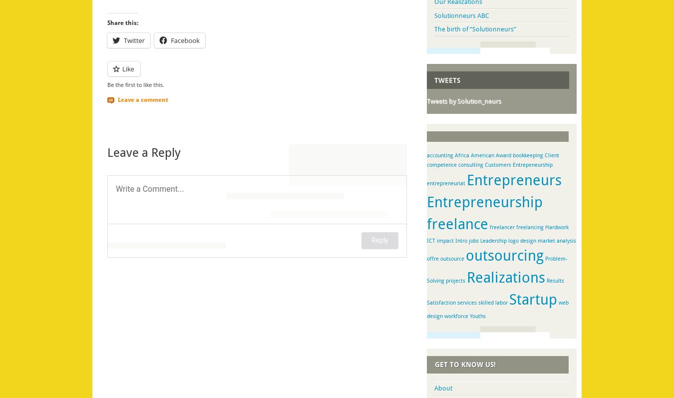 This screenshot has height=398, width=674. Describe the element at coordinates (506, 277) in the screenshot. I see `'Realizations'` at that location.